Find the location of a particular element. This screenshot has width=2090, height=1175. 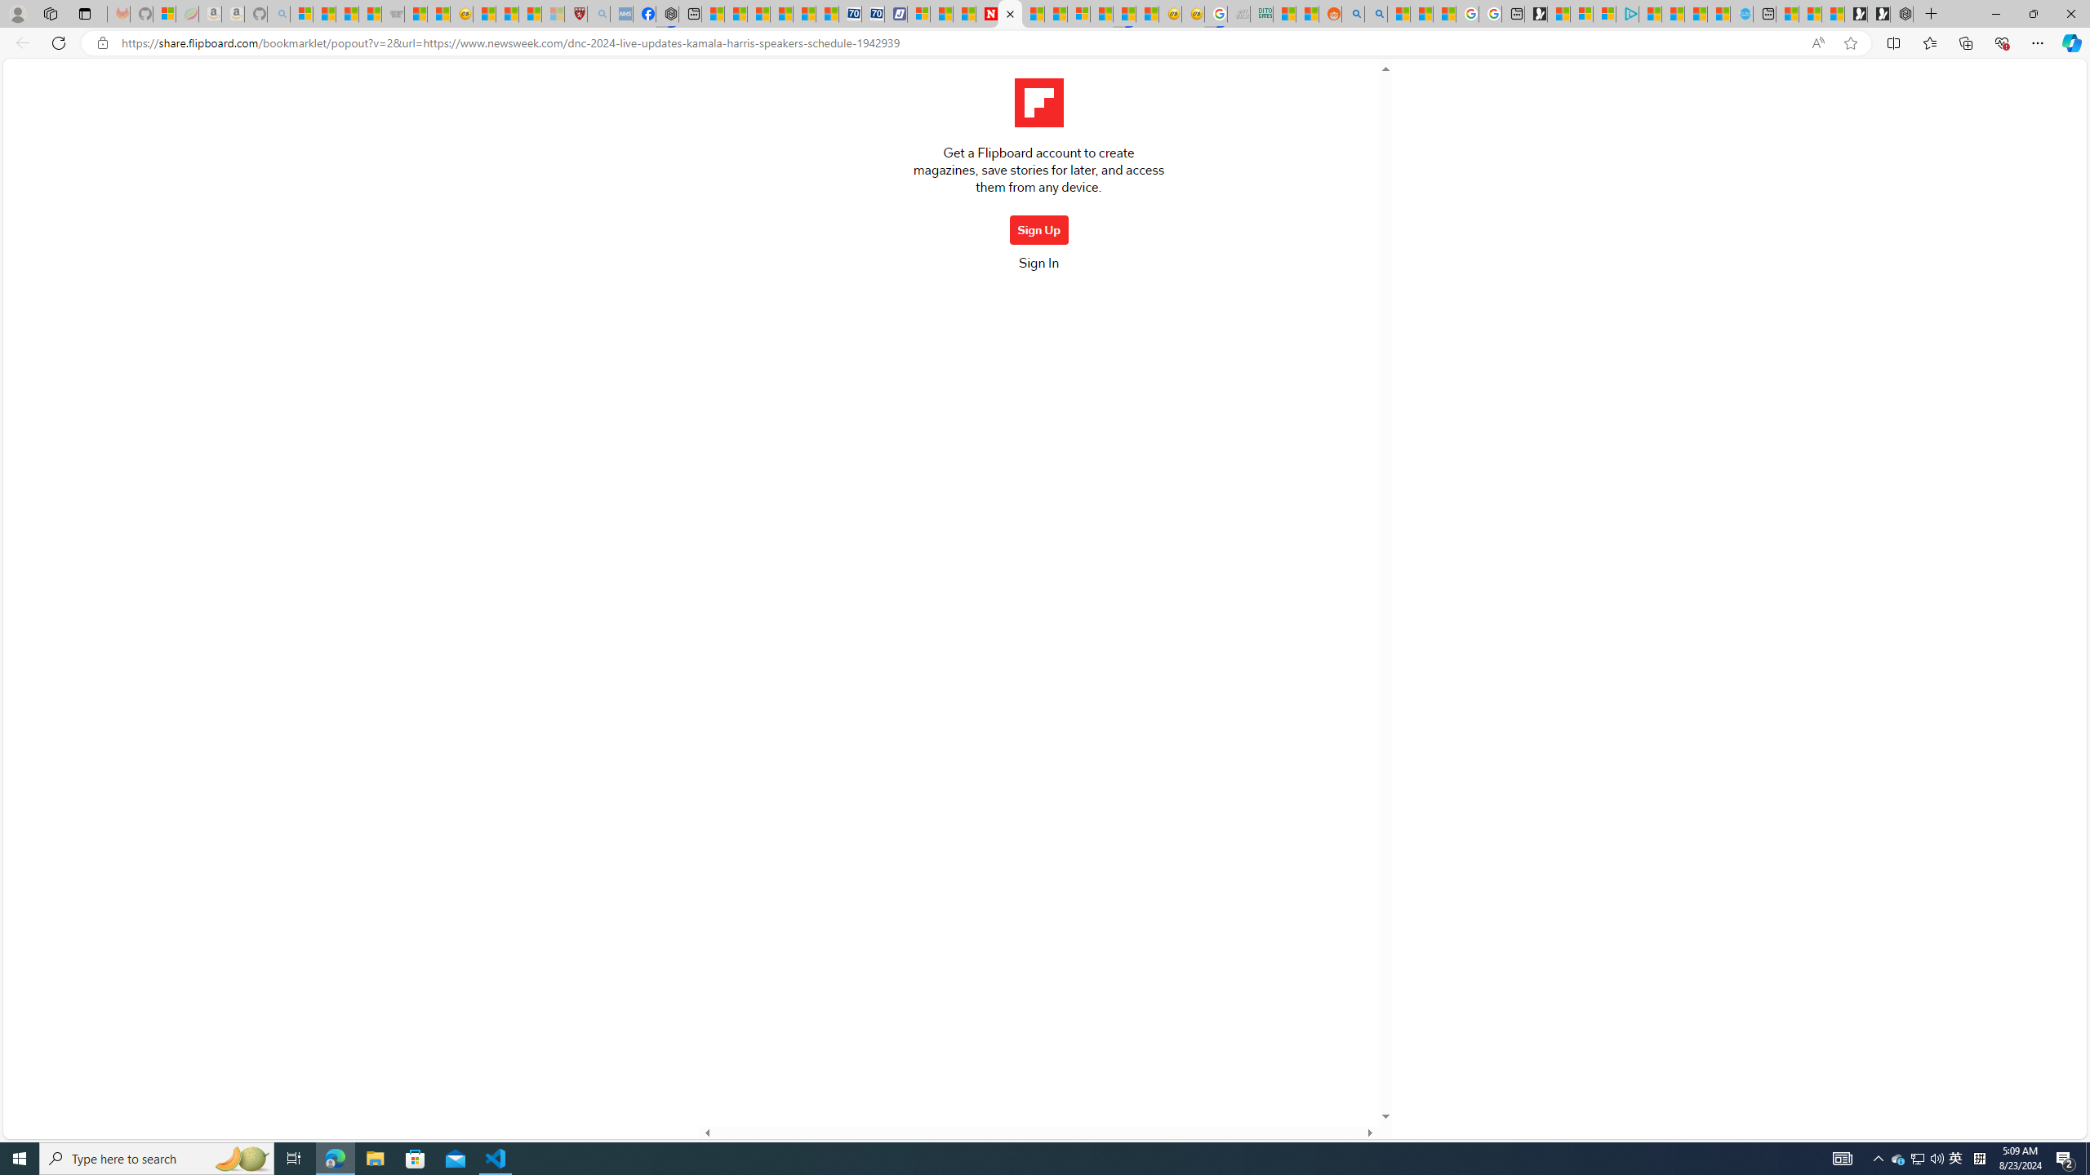

'Sign Up' is located at coordinates (1038, 228).